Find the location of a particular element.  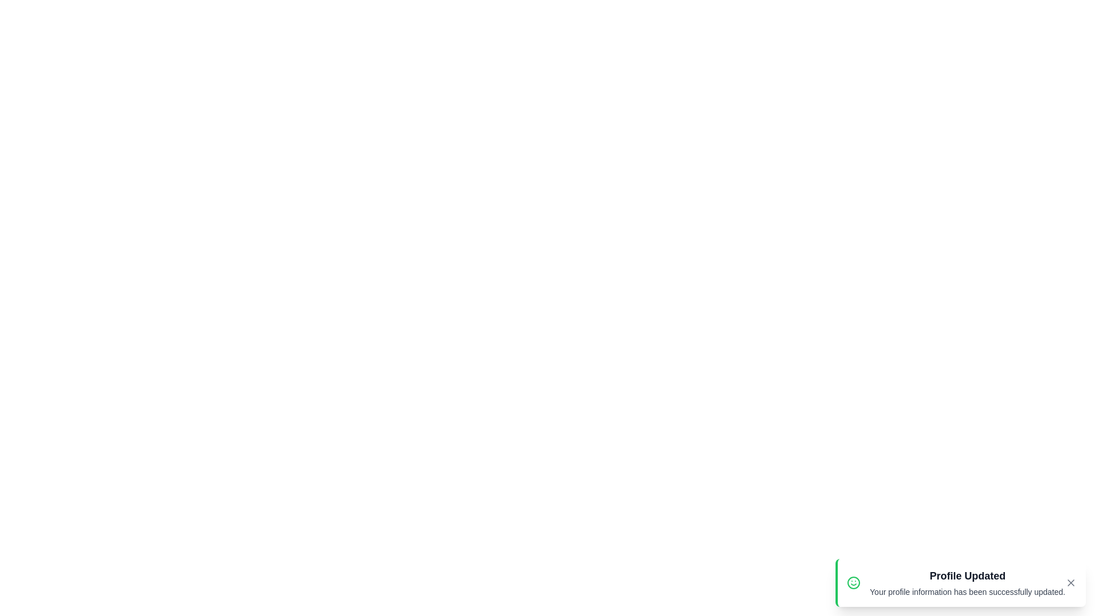

the close icon to dismiss the notification is located at coordinates (1070, 583).